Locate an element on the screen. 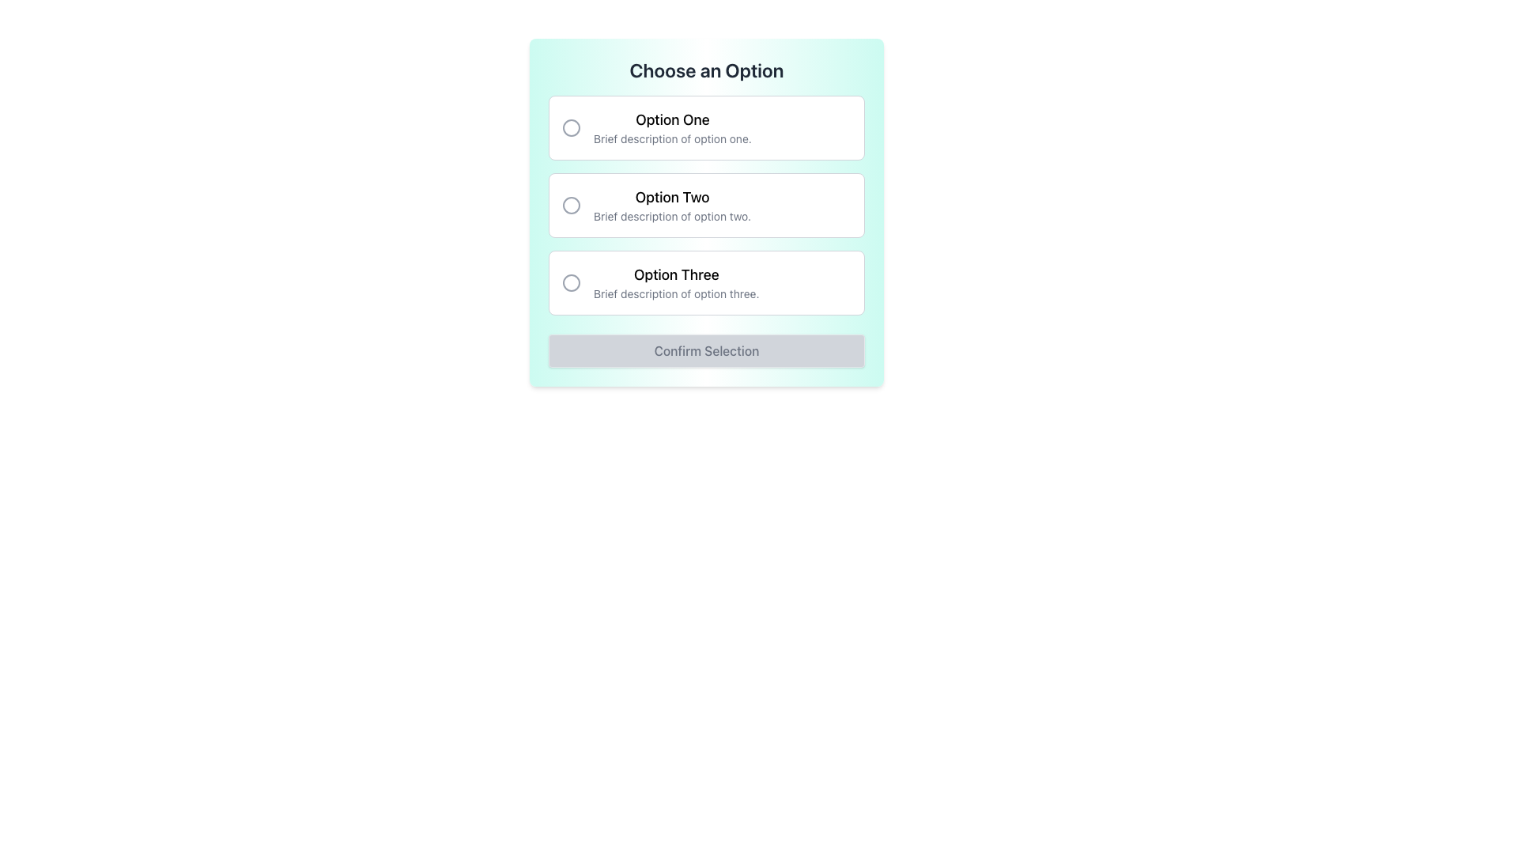 This screenshot has width=1518, height=854. the unselected radio button, which is a circular gray icon located at the leftmost region of the 'Option Three' option card is located at coordinates (571, 282).